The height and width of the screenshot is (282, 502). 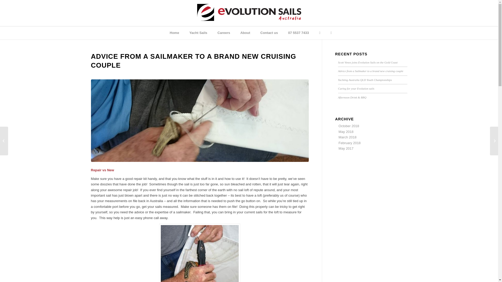 I want to click on 'hand sewing 2', so click(x=199, y=121).